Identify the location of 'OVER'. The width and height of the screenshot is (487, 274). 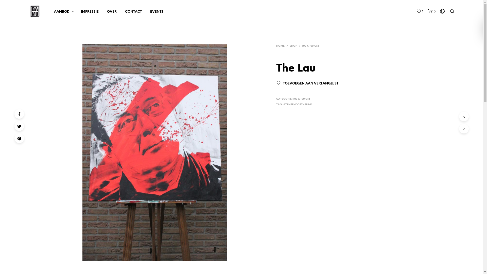
(111, 11).